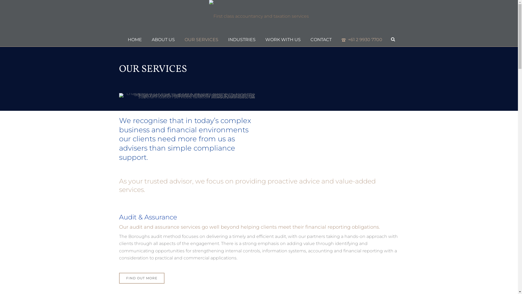 The height and width of the screenshot is (294, 522). Describe the element at coordinates (122, 39) in the screenshot. I see `'HOME'` at that location.